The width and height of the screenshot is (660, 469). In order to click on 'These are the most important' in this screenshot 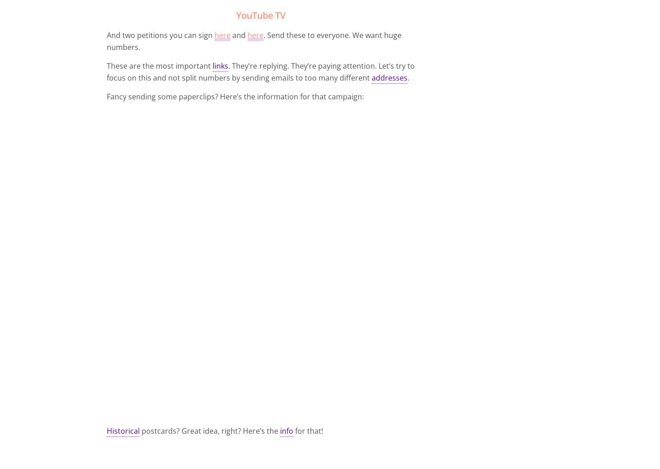, I will do `click(159, 65)`.